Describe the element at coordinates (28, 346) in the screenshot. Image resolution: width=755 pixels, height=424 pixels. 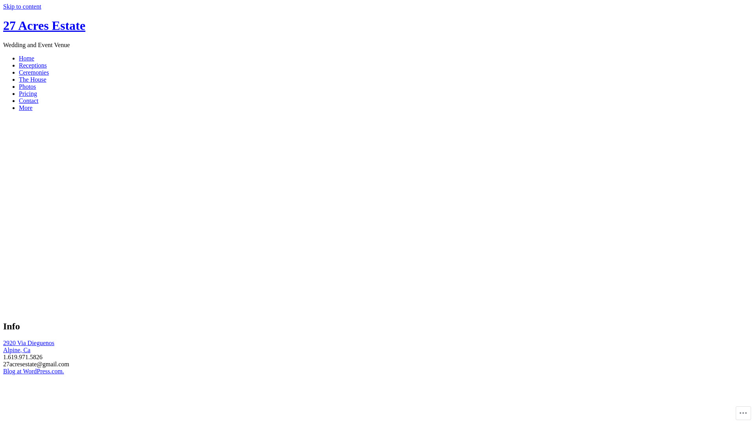
I see `'2920 Via Dieguenos` at that location.